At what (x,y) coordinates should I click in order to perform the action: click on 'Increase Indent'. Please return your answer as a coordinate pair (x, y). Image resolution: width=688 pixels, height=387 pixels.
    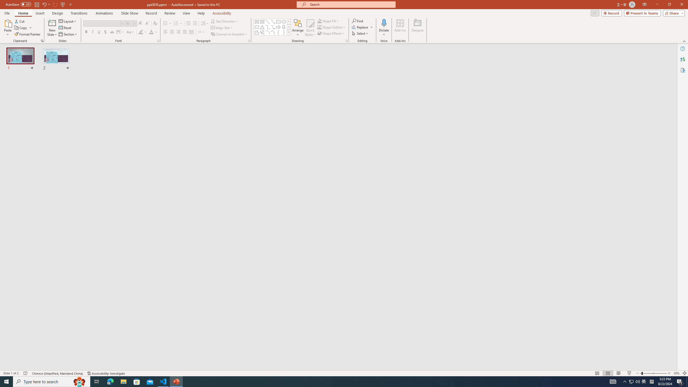
    Looking at the image, I should click on (195, 23).